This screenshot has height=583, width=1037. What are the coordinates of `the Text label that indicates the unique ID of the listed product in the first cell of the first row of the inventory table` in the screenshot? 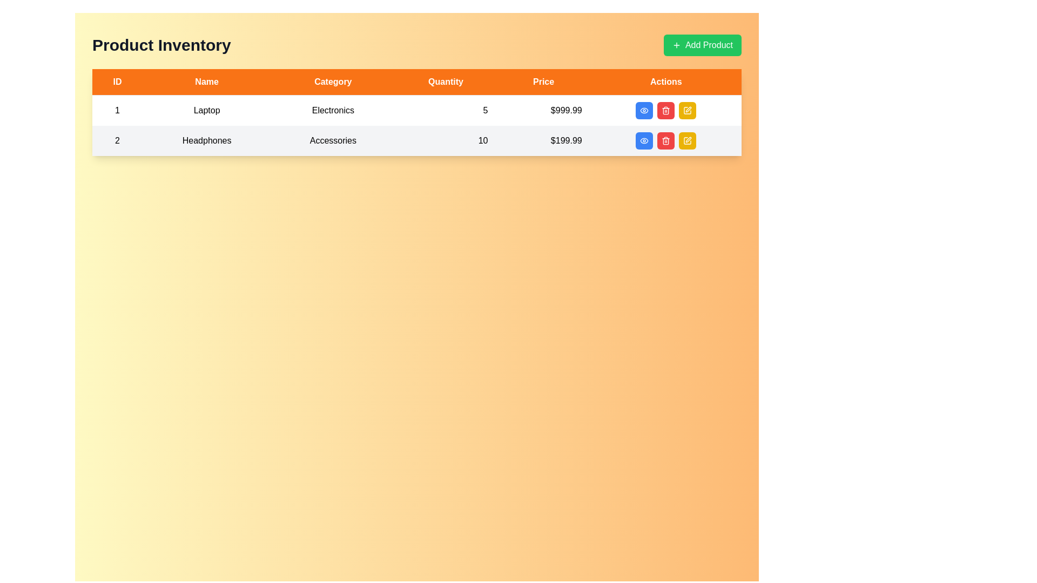 It's located at (117, 110).